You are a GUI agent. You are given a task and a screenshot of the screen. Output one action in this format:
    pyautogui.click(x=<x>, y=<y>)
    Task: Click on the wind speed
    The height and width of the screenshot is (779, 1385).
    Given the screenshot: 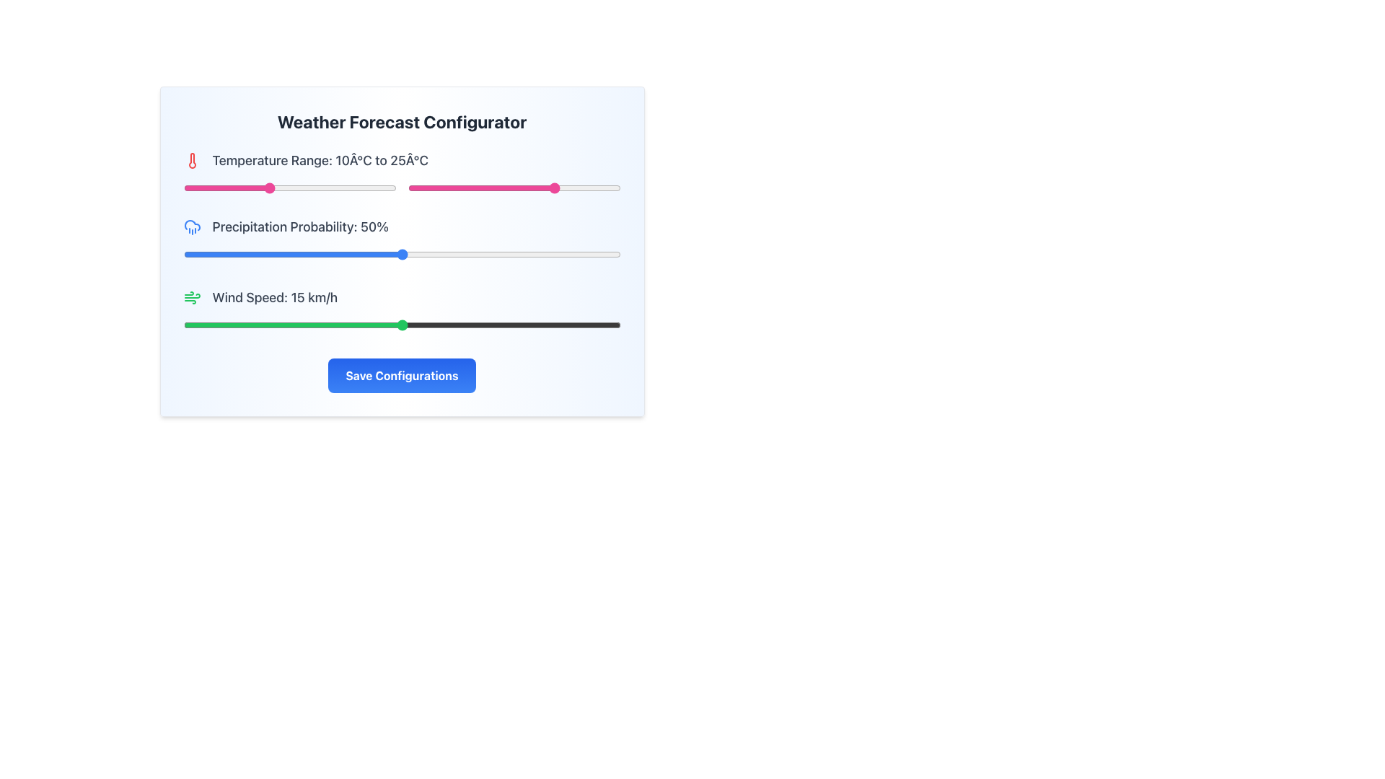 What is the action you would take?
    pyautogui.click(x=415, y=325)
    